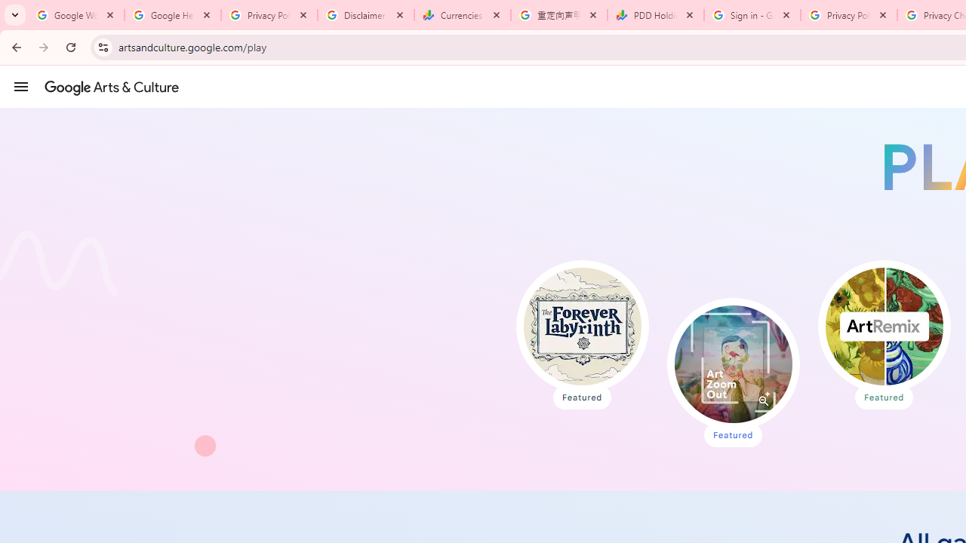 This screenshot has height=543, width=966. What do you see at coordinates (581, 326) in the screenshot?
I see `'The Forever Labyrinth'` at bounding box center [581, 326].